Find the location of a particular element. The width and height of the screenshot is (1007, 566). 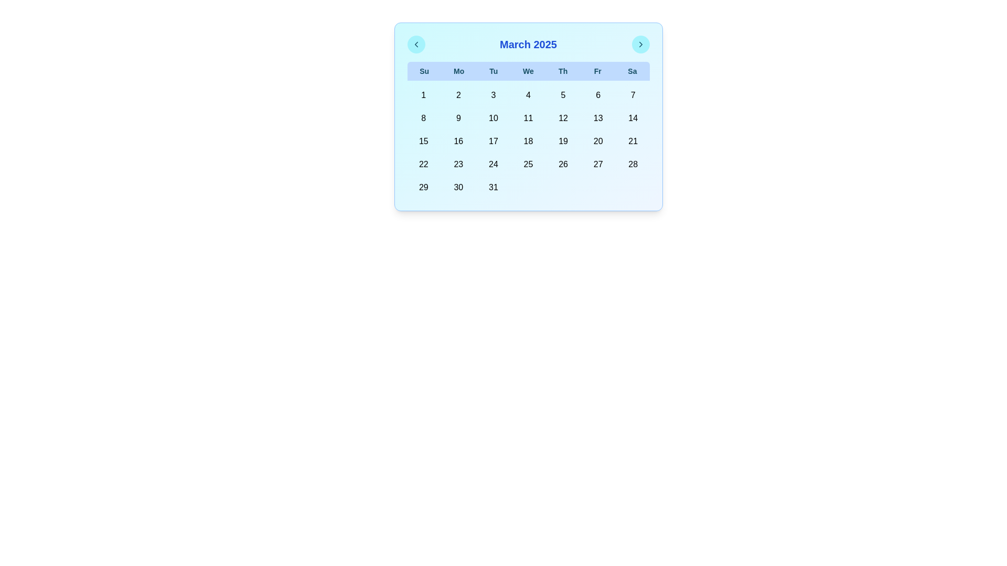

a day in the interactive calendar grid for March 2025 is located at coordinates (528, 141).